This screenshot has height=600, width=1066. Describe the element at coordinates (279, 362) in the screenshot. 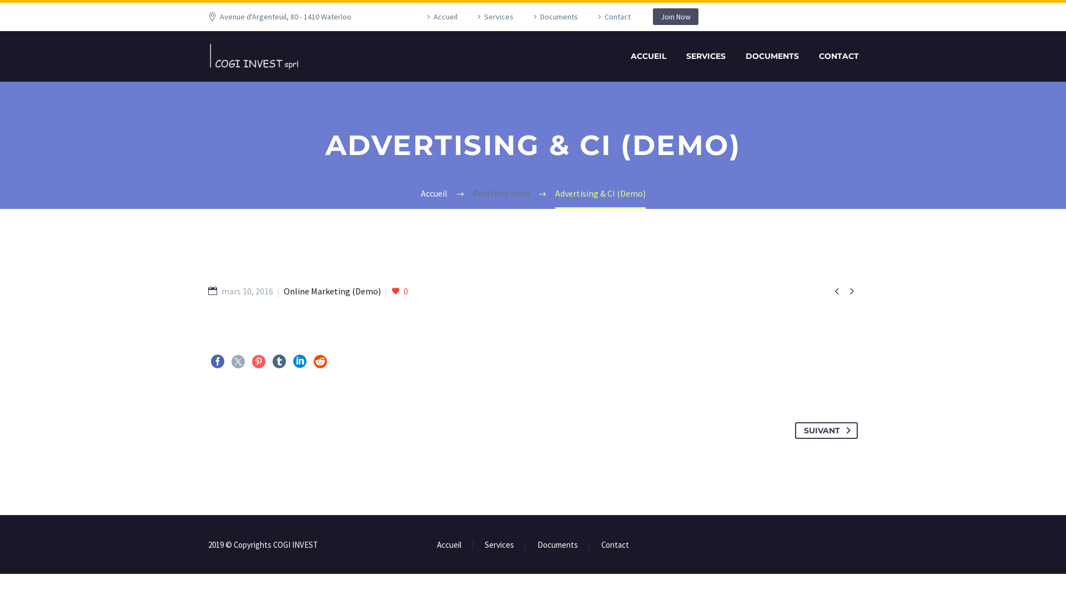

I see `'Tumblr'` at that location.